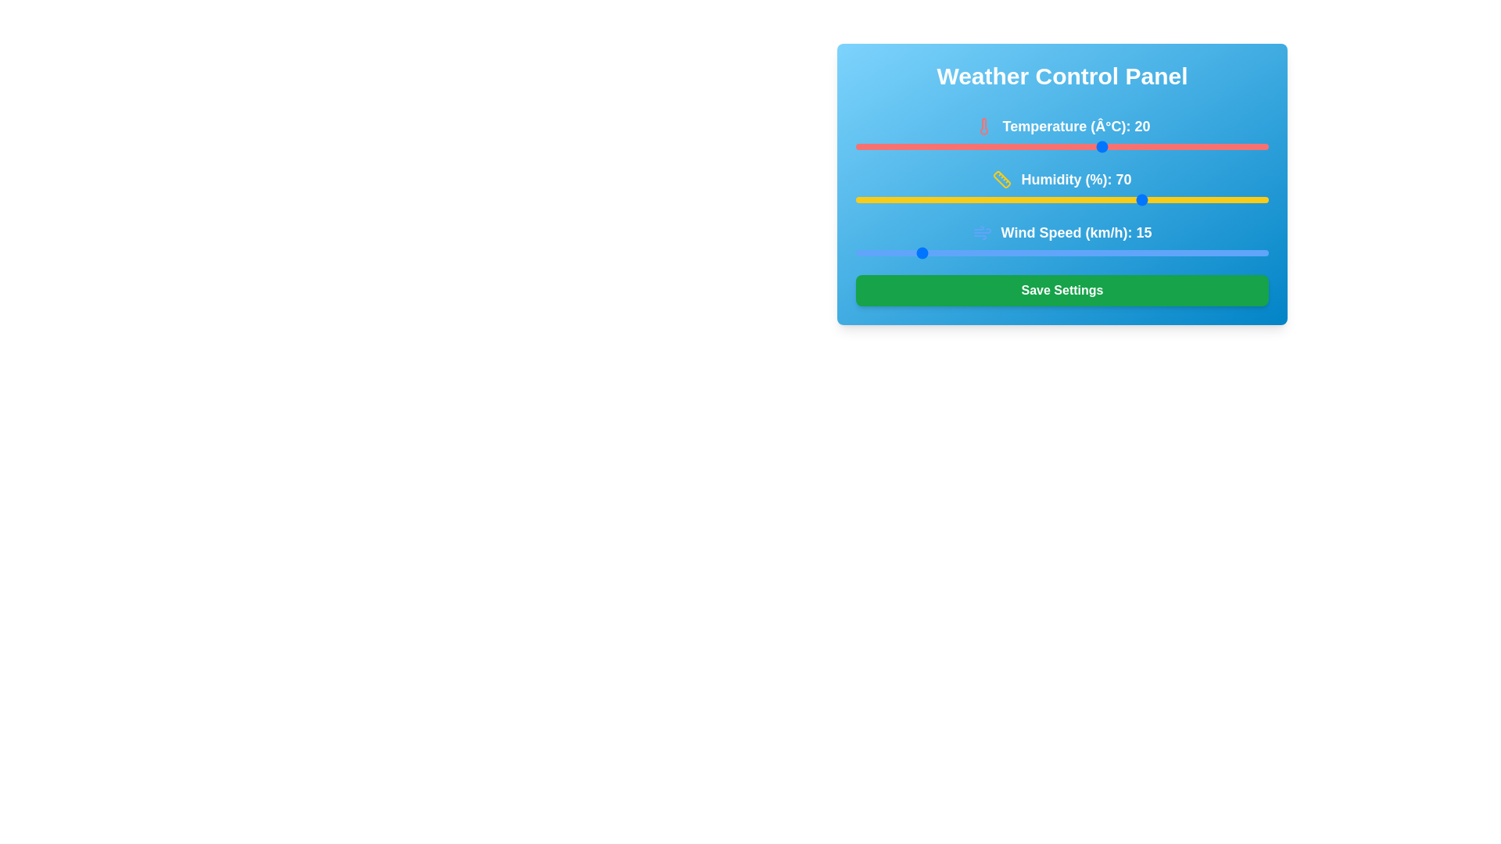 Image resolution: width=1501 pixels, height=844 pixels. I want to click on wind speed, so click(863, 252).